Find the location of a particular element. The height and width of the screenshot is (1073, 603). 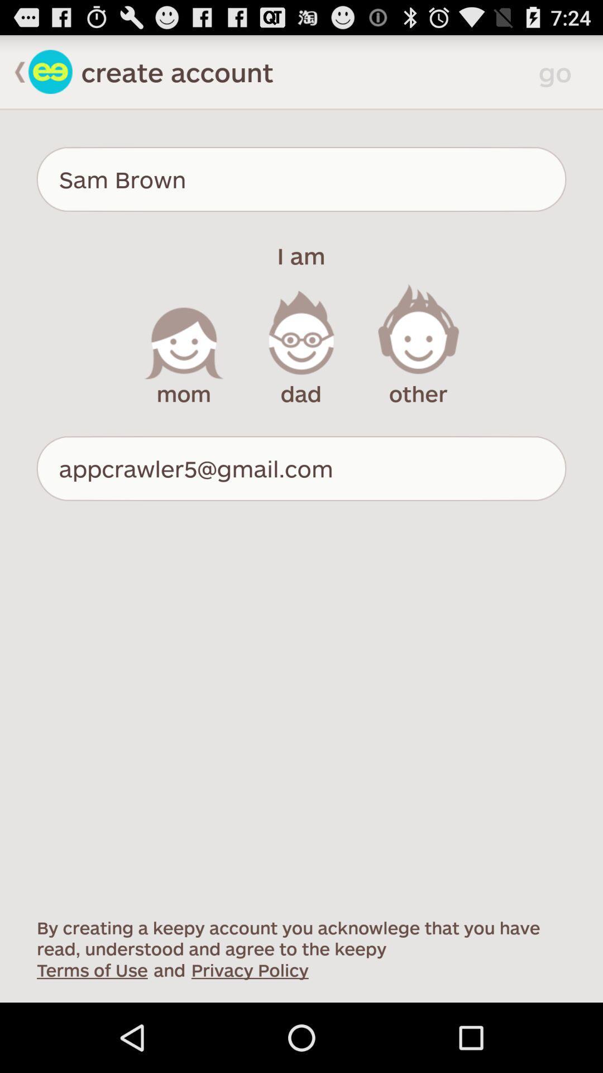

go back is located at coordinates (14, 71).